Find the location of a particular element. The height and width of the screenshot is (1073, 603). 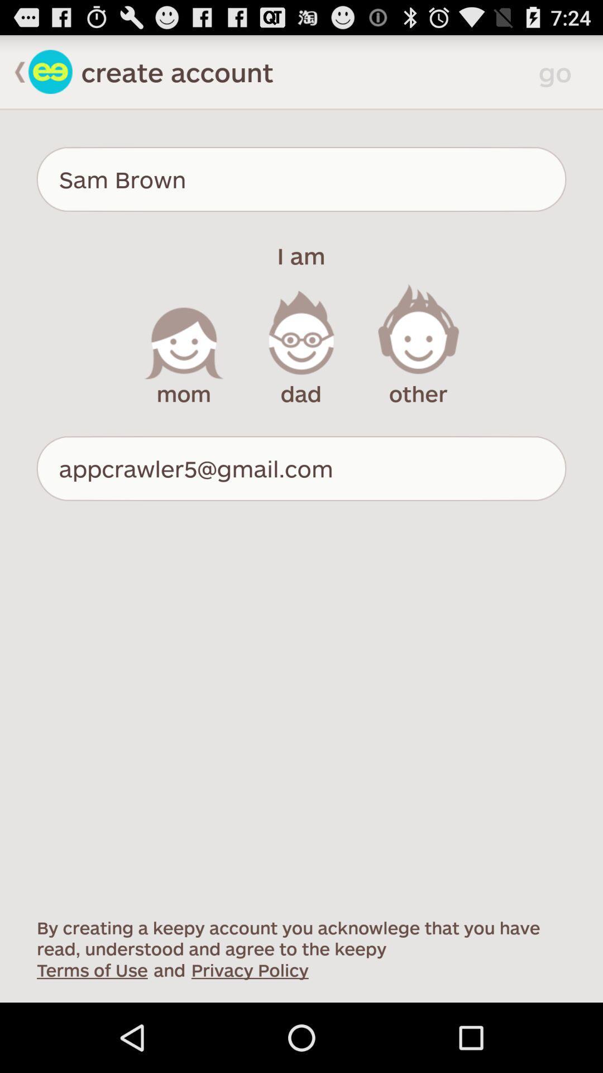

go back is located at coordinates (14, 71).